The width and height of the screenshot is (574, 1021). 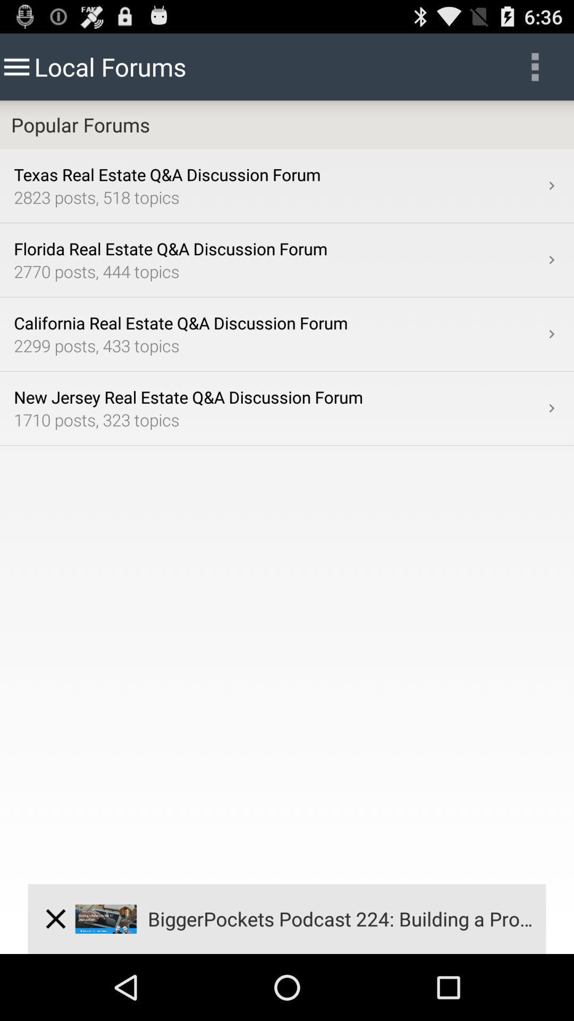 I want to click on 2823 posts 518 item, so click(x=278, y=197).